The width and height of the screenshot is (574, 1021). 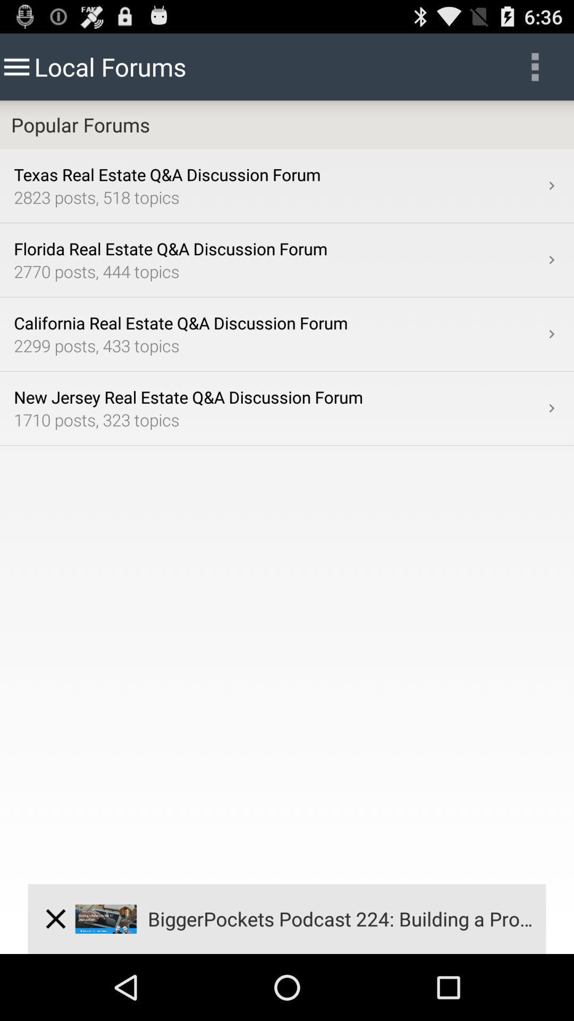 I want to click on 2823 posts 518 item, so click(x=278, y=197).